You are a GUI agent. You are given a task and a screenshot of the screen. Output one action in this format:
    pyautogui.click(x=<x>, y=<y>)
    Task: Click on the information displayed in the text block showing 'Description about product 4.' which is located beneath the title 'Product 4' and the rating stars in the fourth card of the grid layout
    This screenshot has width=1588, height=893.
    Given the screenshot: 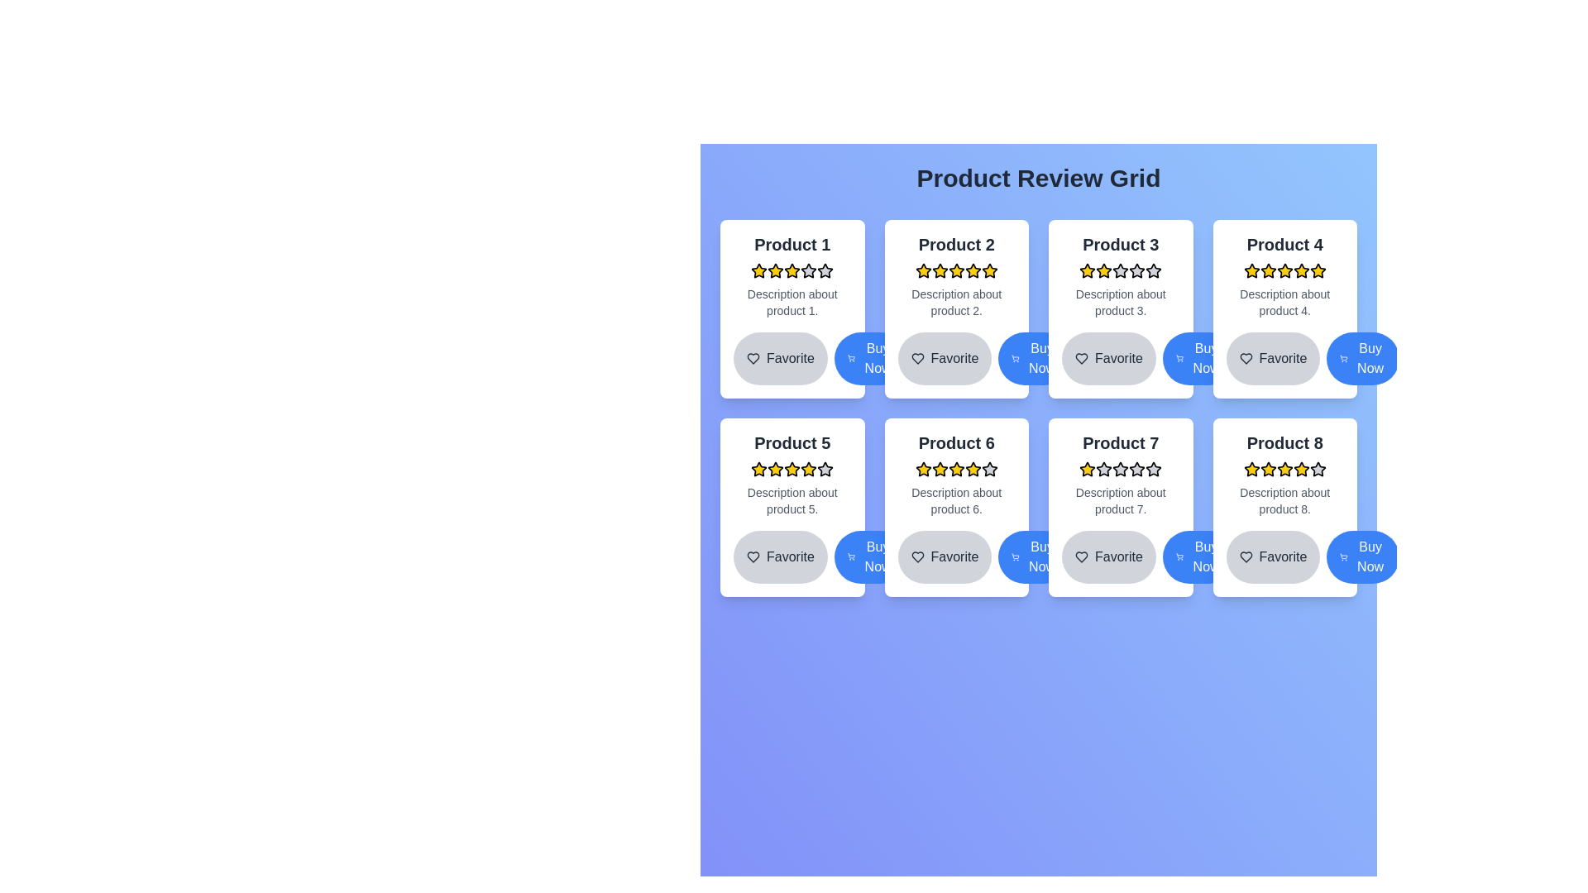 What is the action you would take?
    pyautogui.click(x=1284, y=303)
    